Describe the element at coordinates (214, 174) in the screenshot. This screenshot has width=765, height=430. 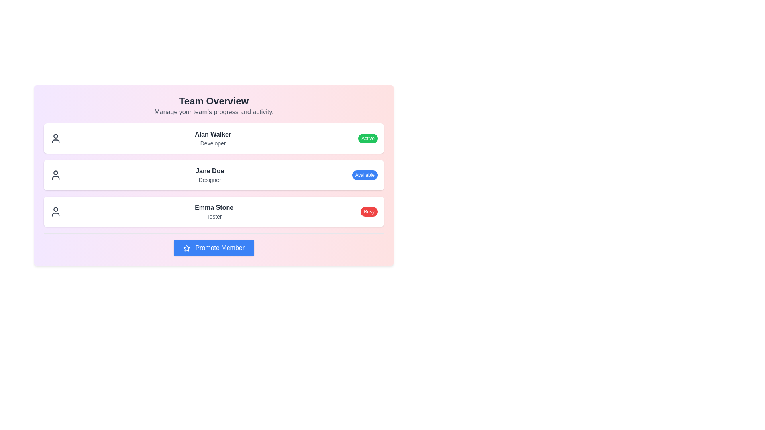
I see `the second list item in the 'Team Overview' section, which displays a team member's name, role, and availability status` at that location.